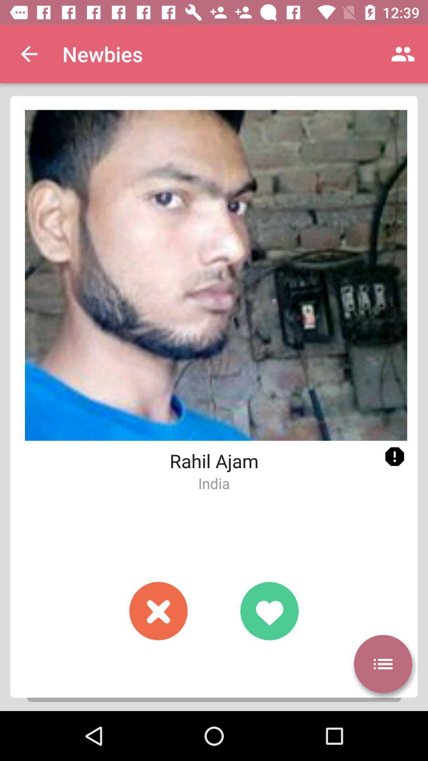 The width and height of the screenshot is (428, 761). What do you see at coordinates (159, 610) in the screenshot?
I see `dislike/reject user` at bounding box center [159, 610].